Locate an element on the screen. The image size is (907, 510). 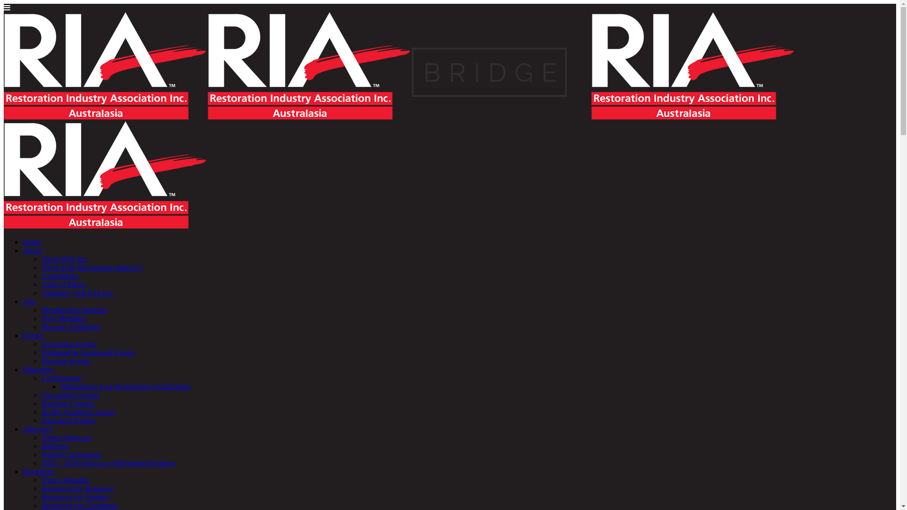
'IICRC Training Courses' is located at coordinates (78, 411).